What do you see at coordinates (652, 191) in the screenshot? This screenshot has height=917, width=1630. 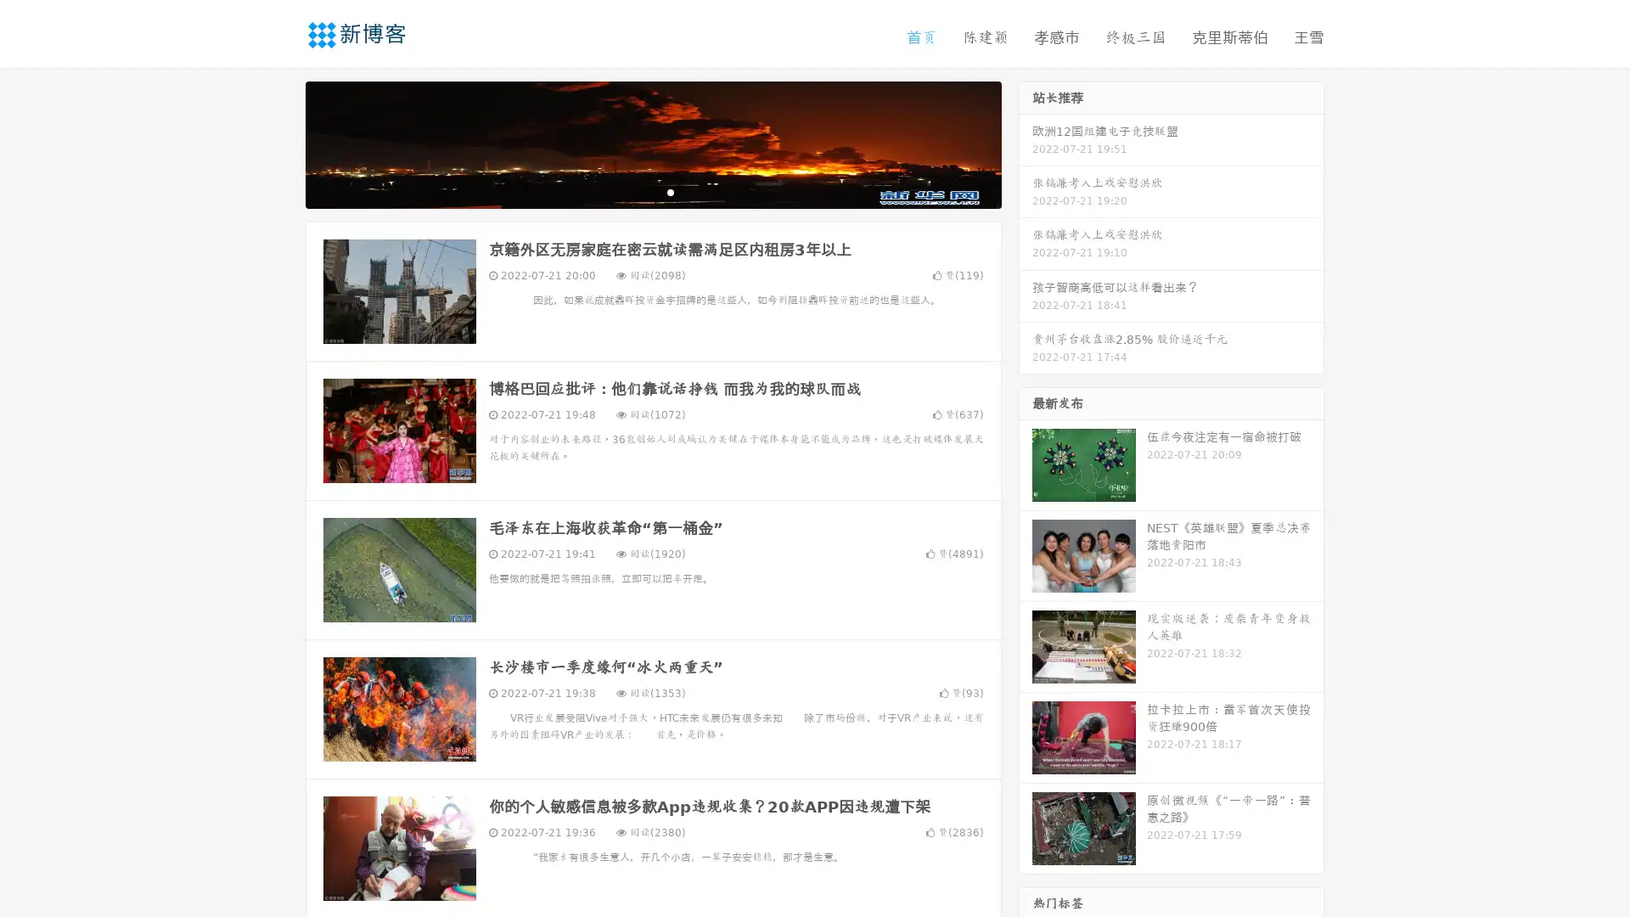 I see `Go to slide 2` at bounding box center [652, 191].